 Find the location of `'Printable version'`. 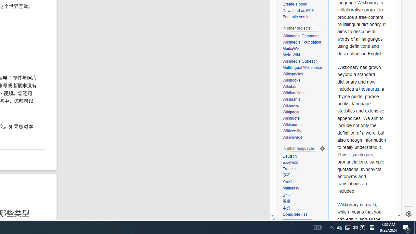

'Printable version' is located at coordinates (296, 17).